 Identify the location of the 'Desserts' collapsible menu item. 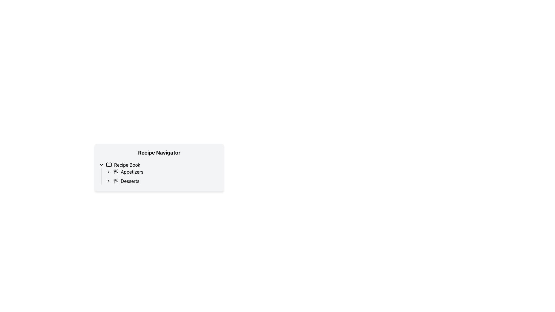
(162, 181).